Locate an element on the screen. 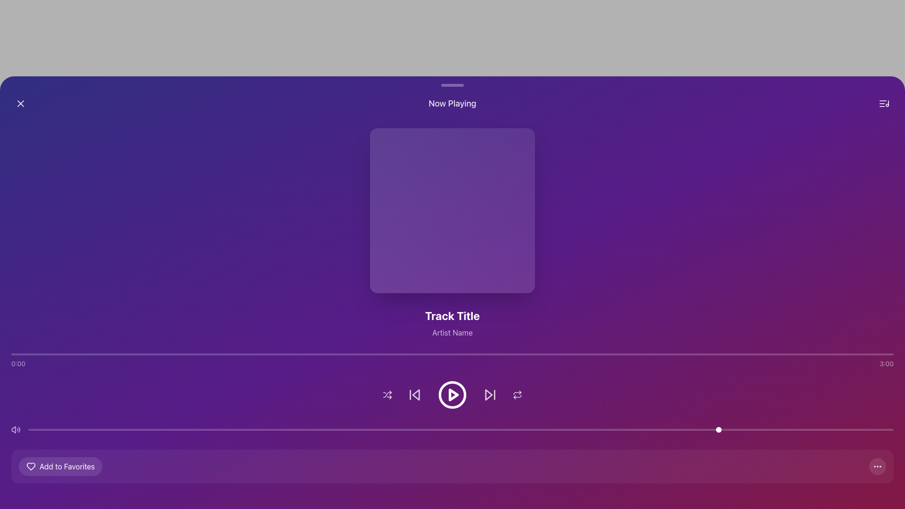  the Vector graphic or SVG element indicating volume settings, located in the lower-left section of the interface is located at coordinates (14, 429).